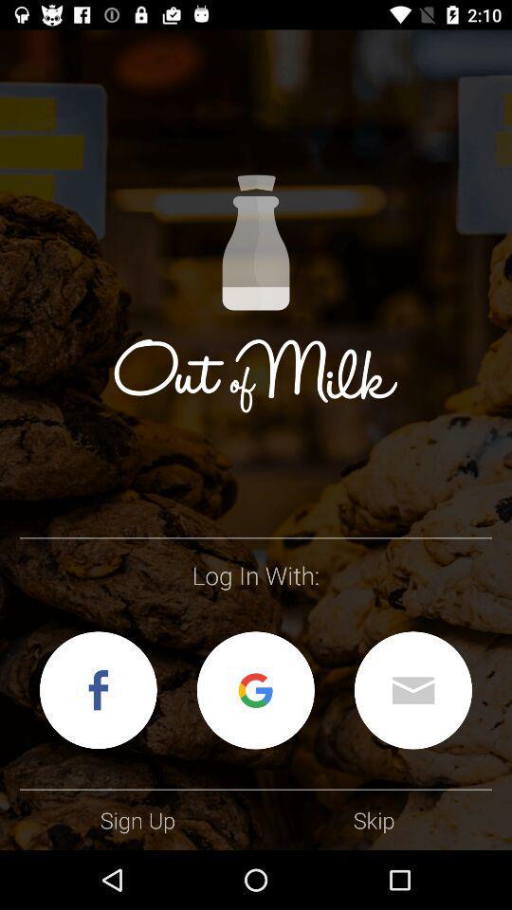 Image resolution: width=512 pixels, height=910 pixels. I want to click on message, so click(411, 689).